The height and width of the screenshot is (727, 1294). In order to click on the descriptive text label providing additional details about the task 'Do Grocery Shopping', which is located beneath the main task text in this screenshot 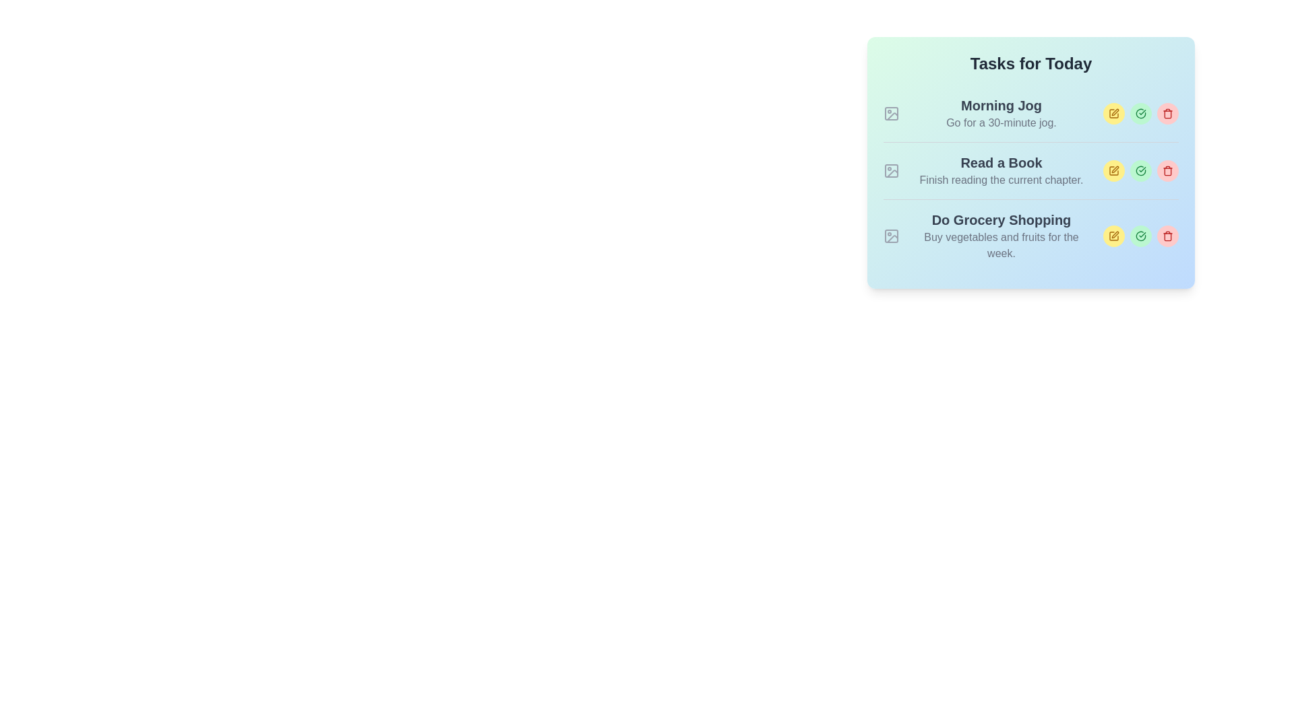, I will do `click(1002, 246)`.